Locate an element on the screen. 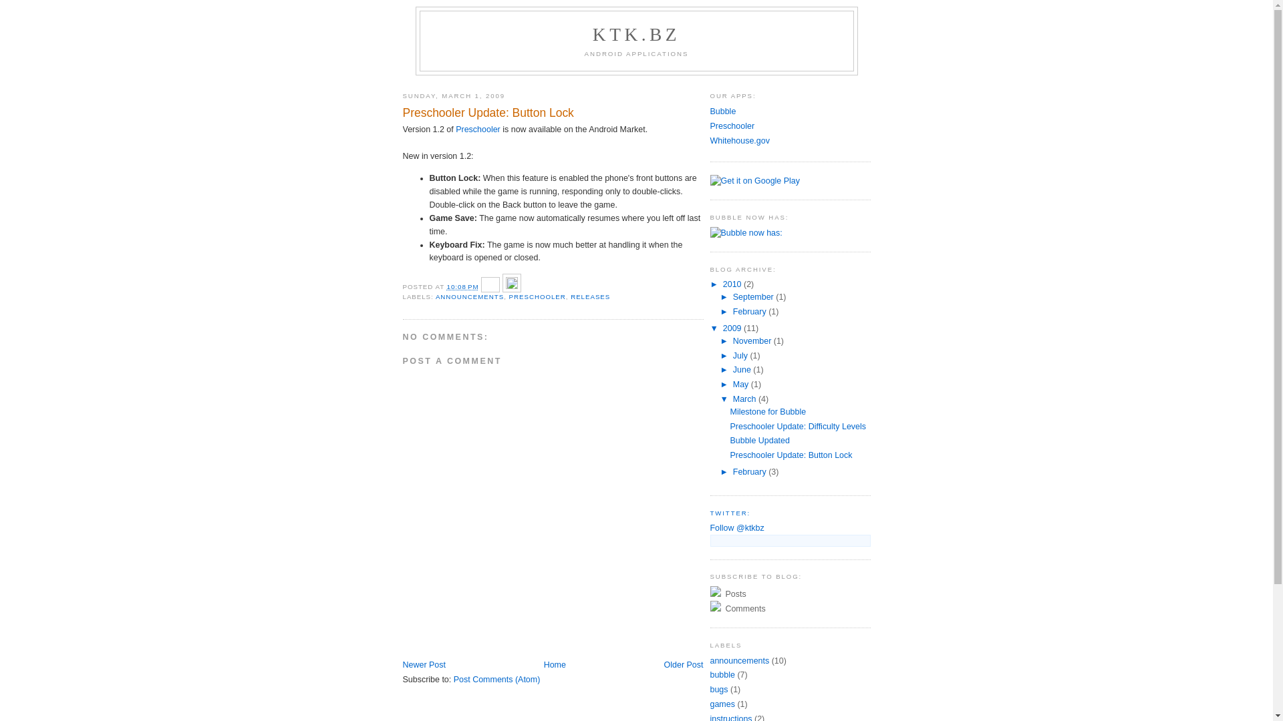 Image resolution: width=1283 pixels, height=721 pixels. 'Preschooler' is located at coordinates (731, 126).